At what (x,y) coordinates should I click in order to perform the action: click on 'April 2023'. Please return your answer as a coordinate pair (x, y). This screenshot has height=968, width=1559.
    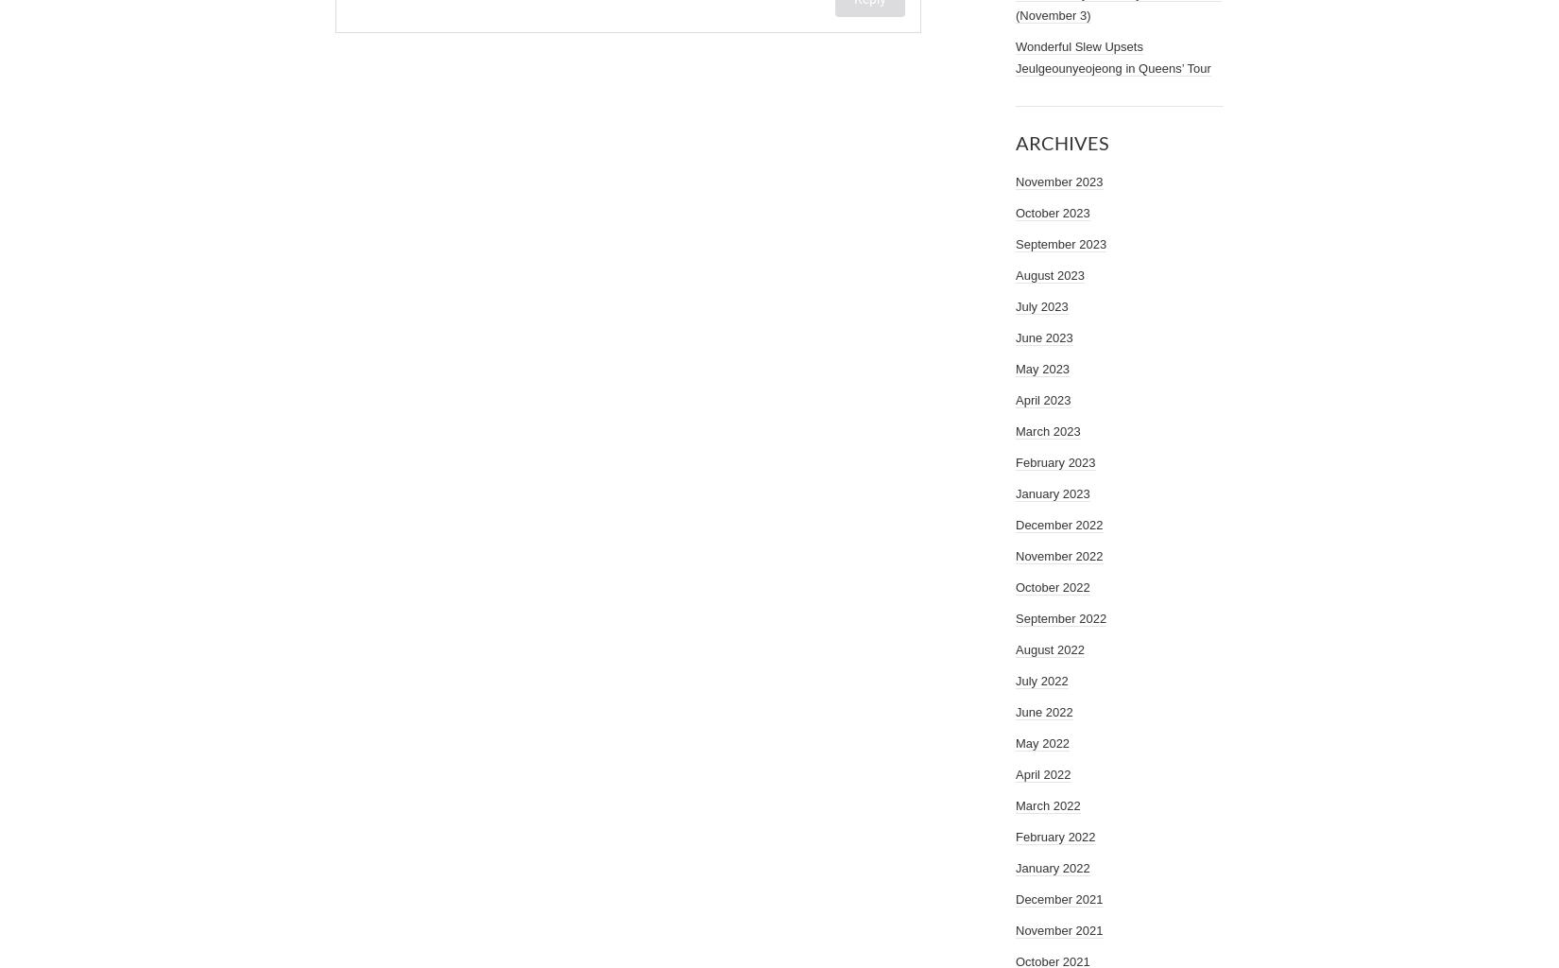
    Looking at the image, I should click on (1015, 399).